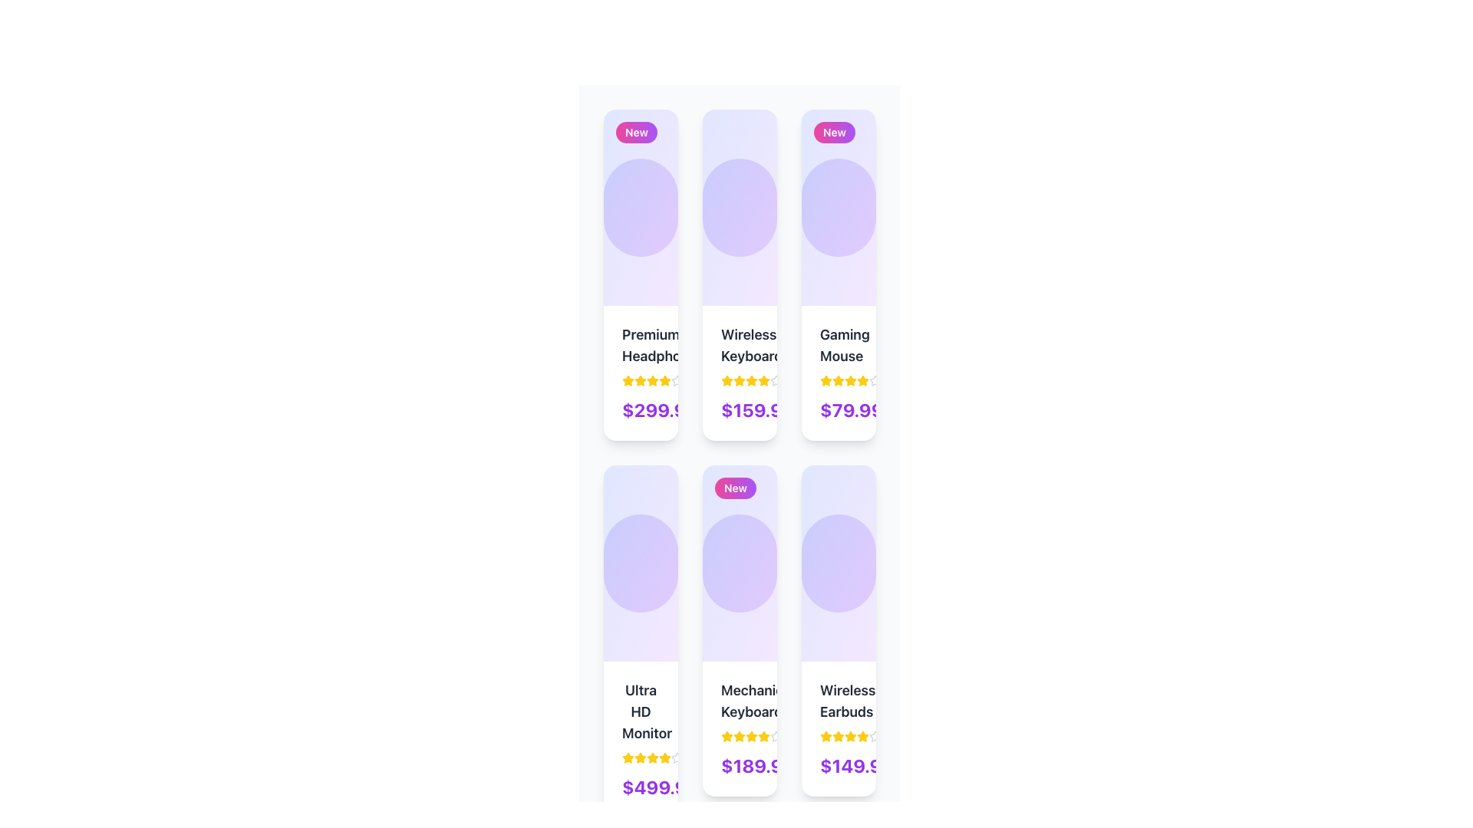 Image resolution: width=1473 pixels, height=828 pixels. I want to click on the product advertisement card for the 'Gaming Mouse' priced at $79.99, so click(838, 274).